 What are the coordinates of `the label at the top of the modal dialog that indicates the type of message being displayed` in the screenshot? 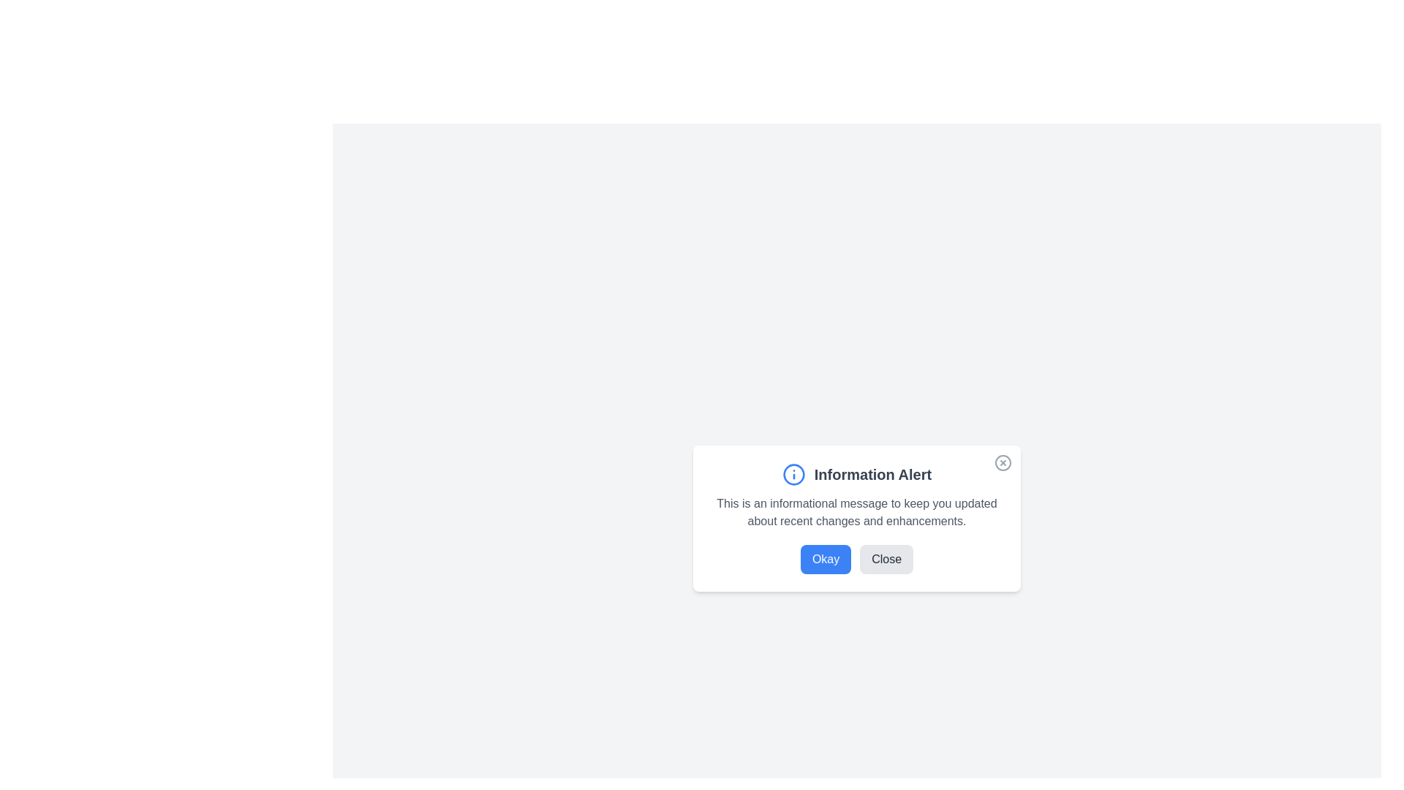 It's located at (856, 474).